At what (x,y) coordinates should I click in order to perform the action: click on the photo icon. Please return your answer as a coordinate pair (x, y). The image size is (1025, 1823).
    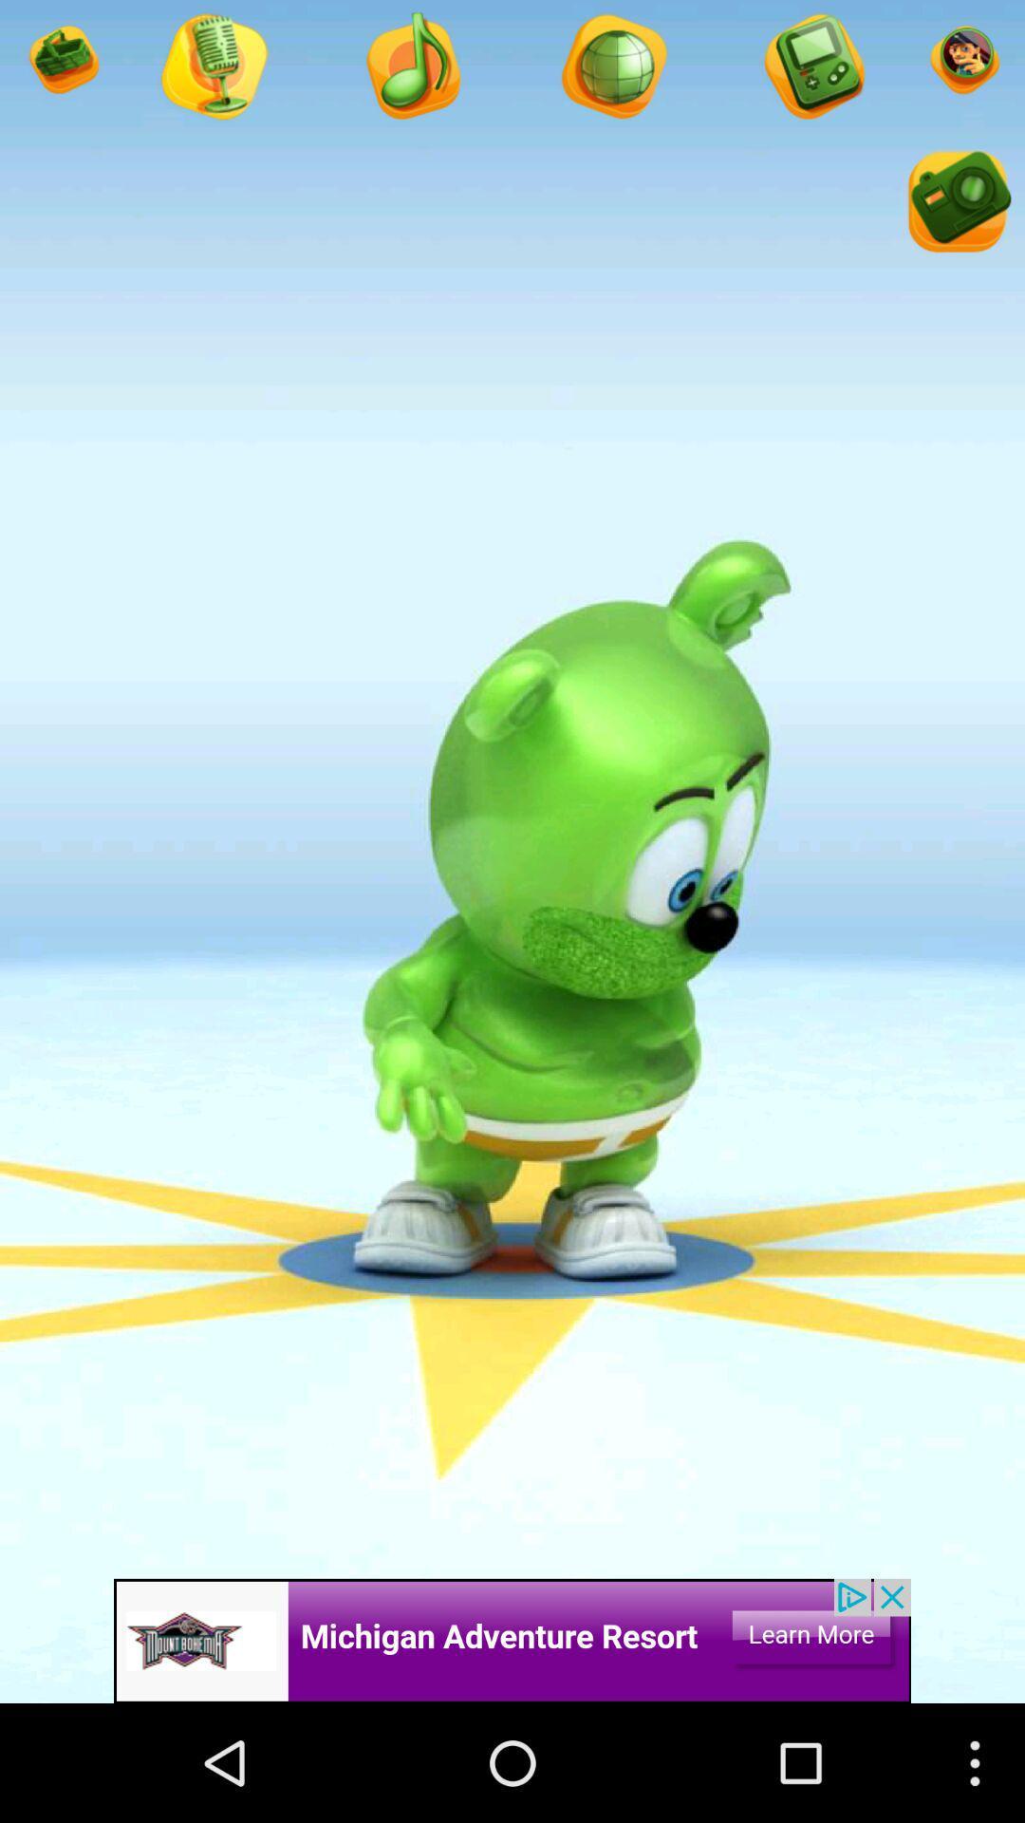
    Looking at the image, I should click on (956, 219).